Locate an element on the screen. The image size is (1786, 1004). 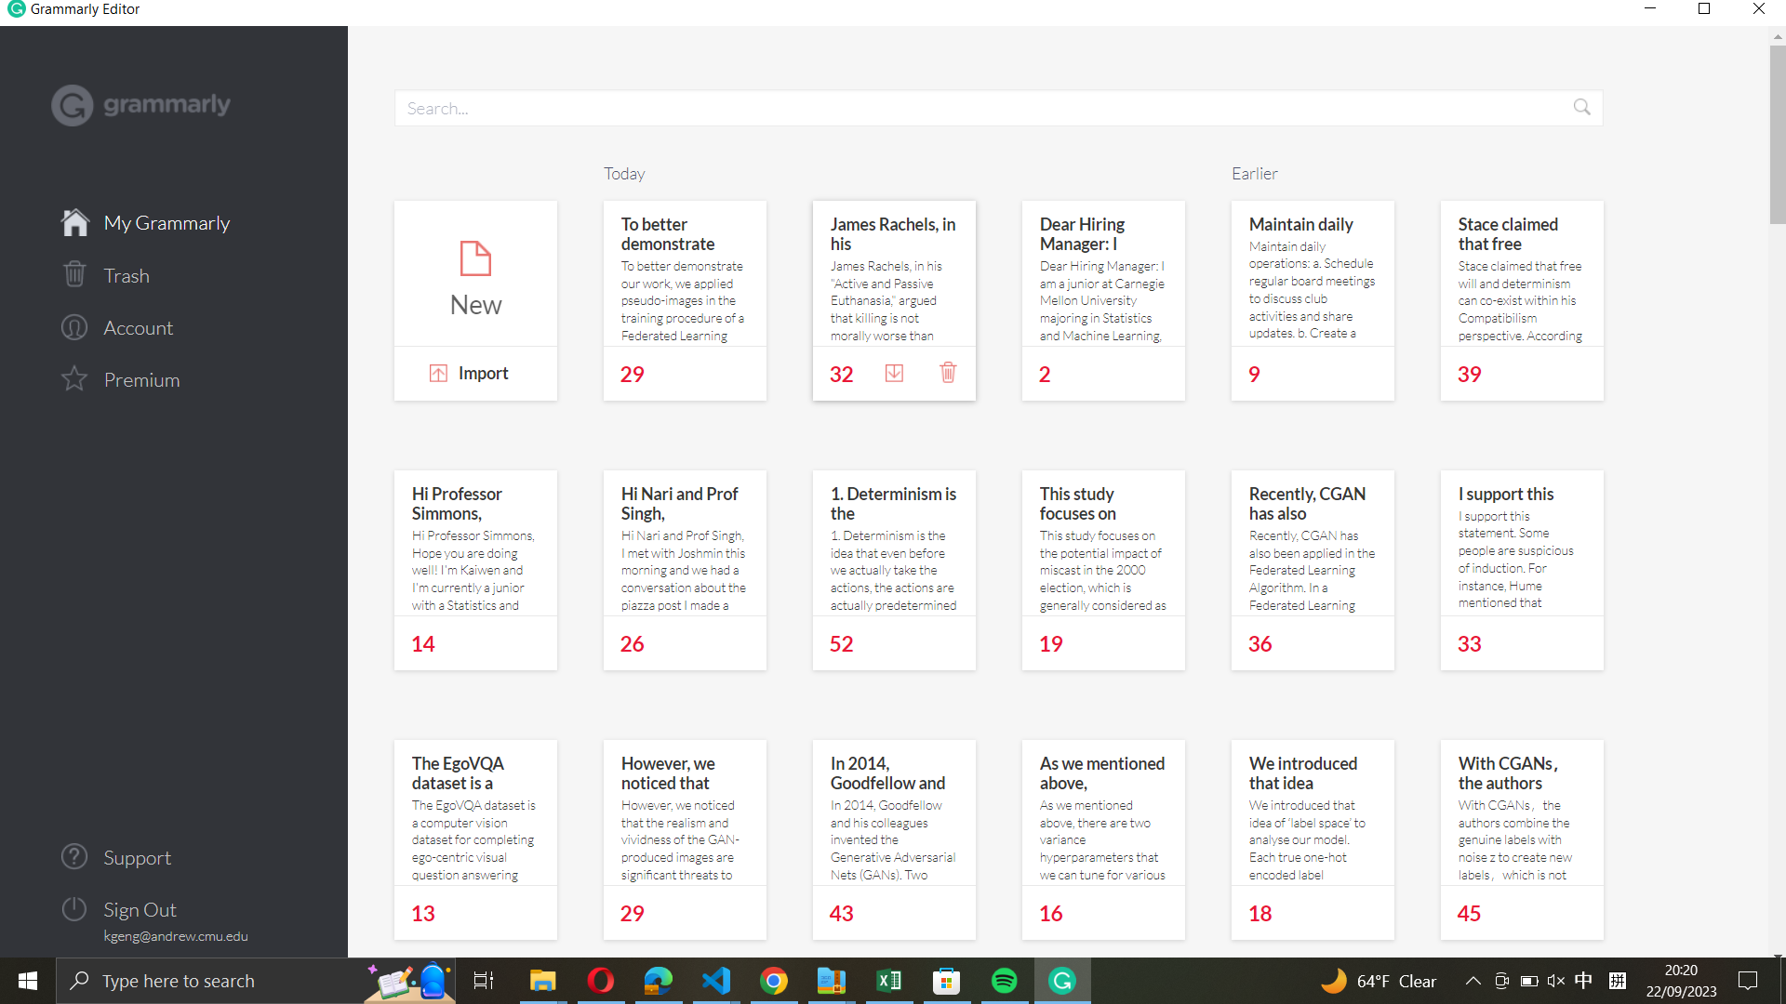
Start a note to daily track of first note earlier is located at coordinates (1313, 272).